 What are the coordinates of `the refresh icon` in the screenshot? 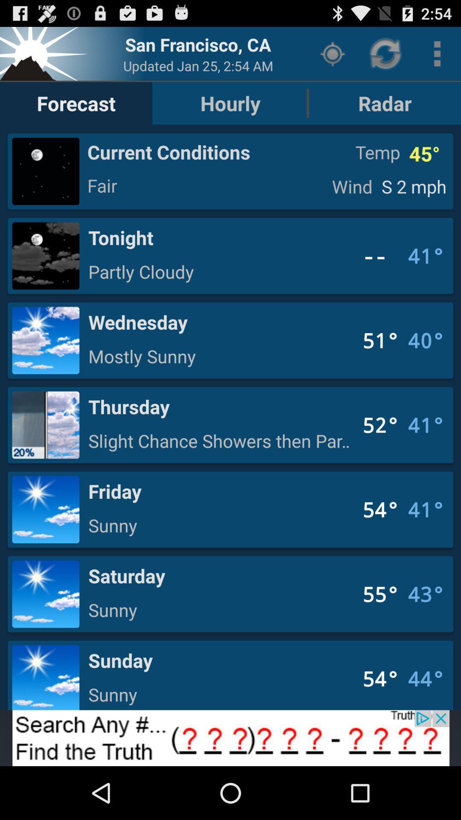 It's located at (386, 57).